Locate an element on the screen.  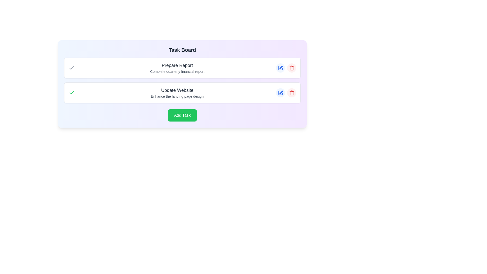
the second card in the Task Board labeled 'Update Website' is located at coordinates (182, 93).